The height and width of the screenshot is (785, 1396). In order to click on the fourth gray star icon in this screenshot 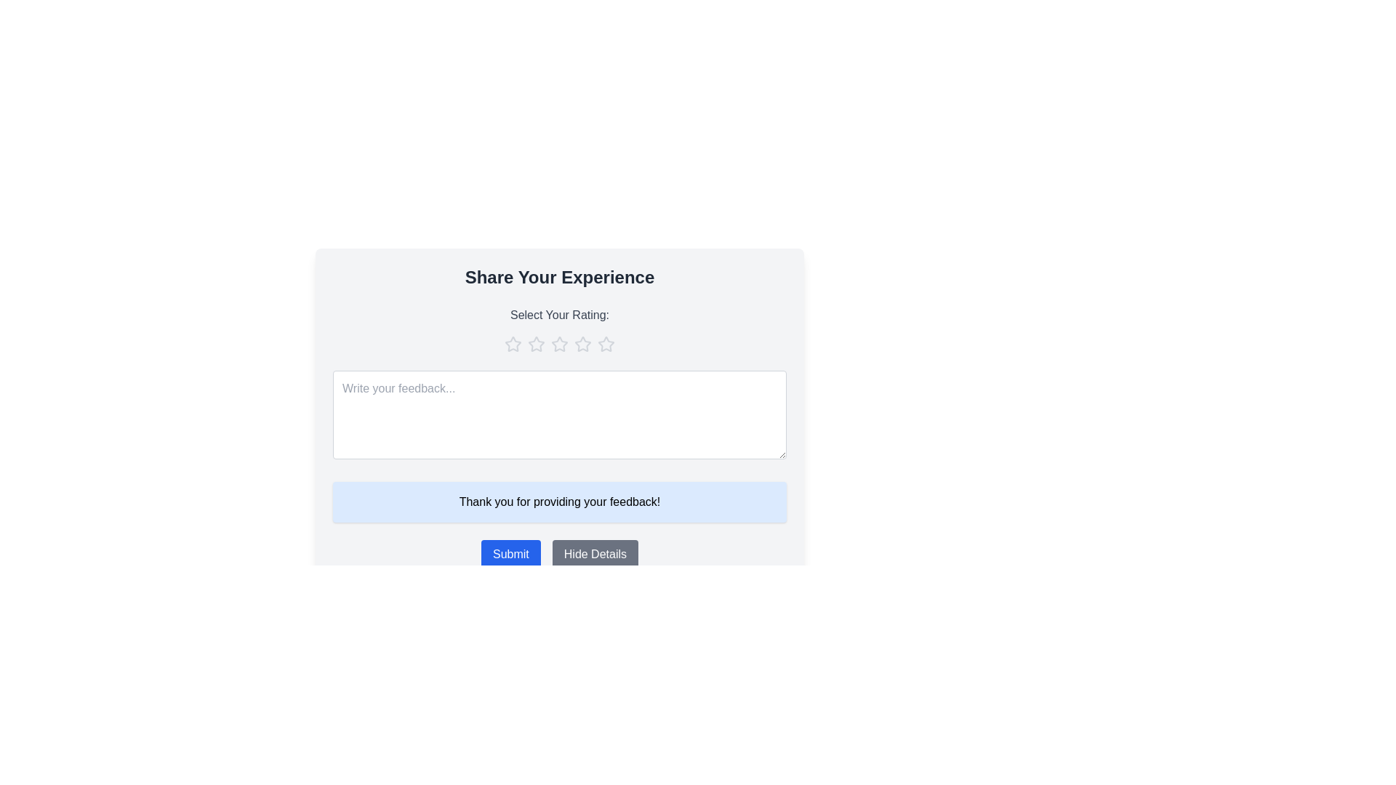, I will do `click(582, 345)`.